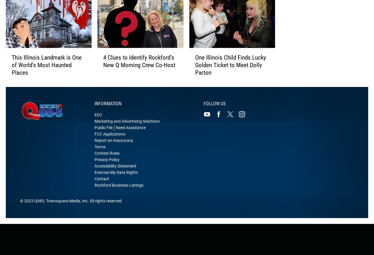 This screenshot has width=374, height=255. What do you see at coordinates (130, 134) in the screenshot?
I see `'Need Assistance'` at bounding box center [130, 134].